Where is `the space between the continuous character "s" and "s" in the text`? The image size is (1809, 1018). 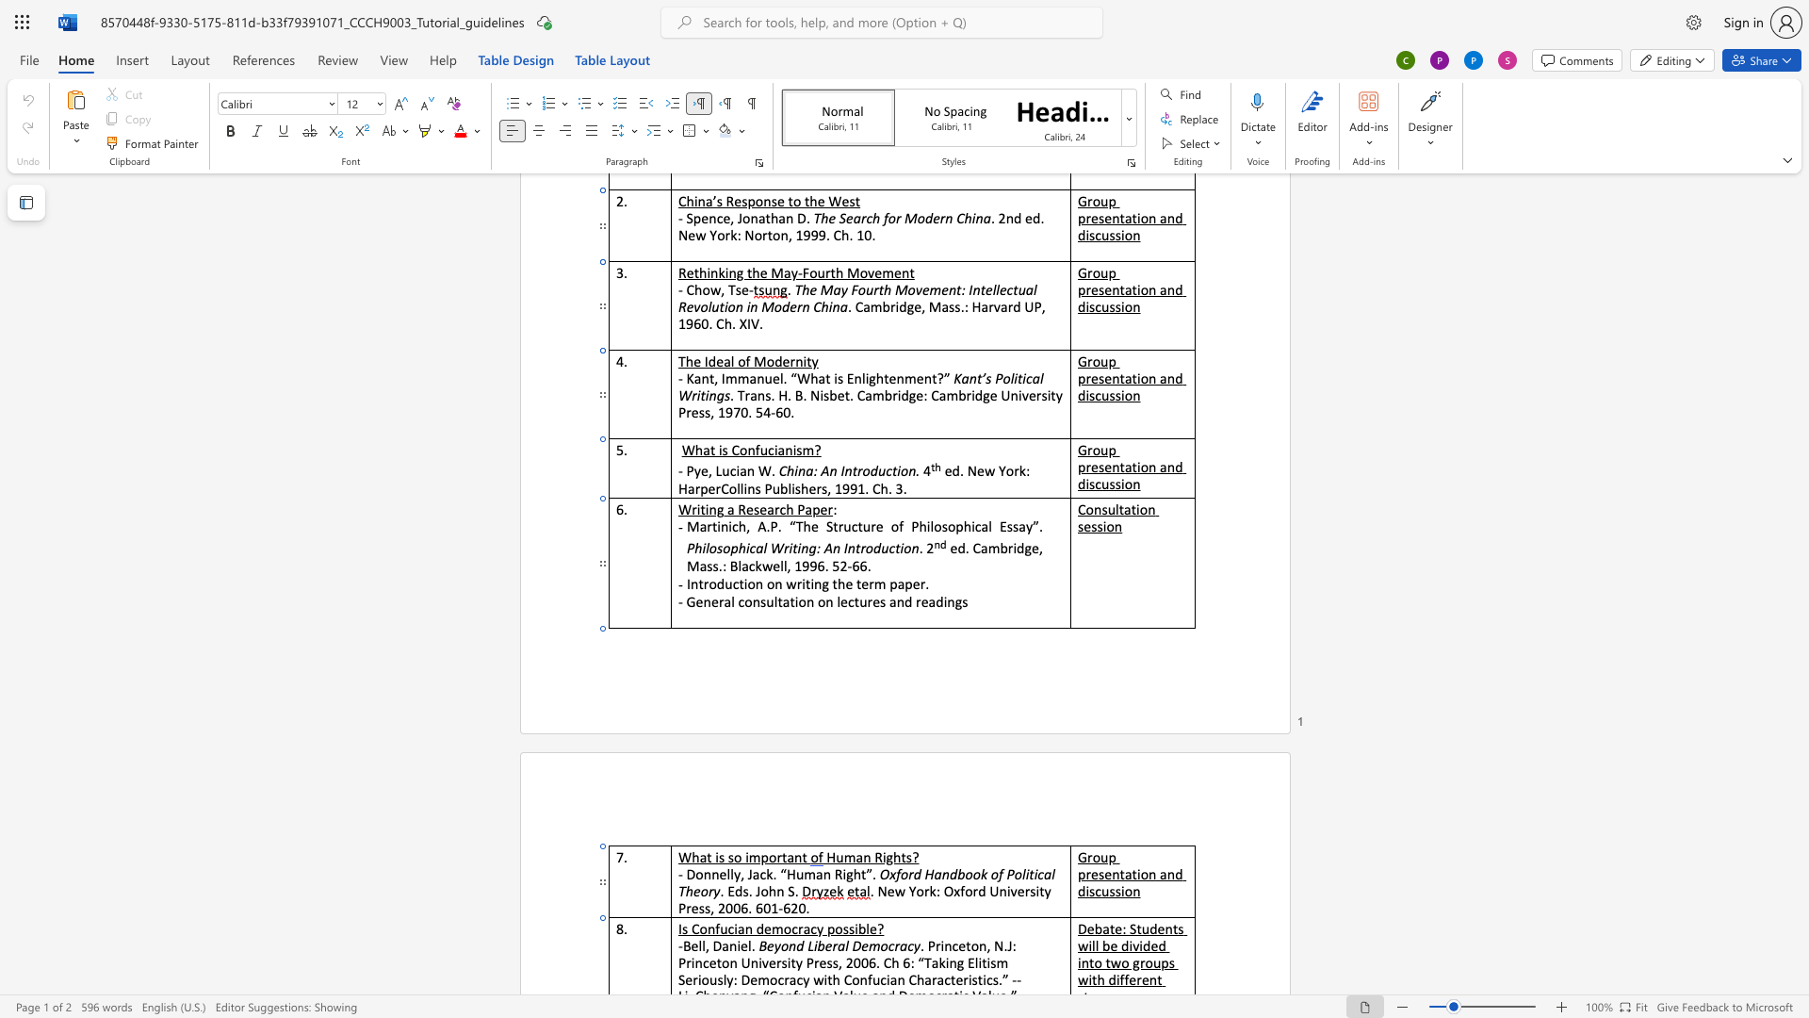 the space between the continuous character "s" and "s" in the text is located at coordinates (848, 928).